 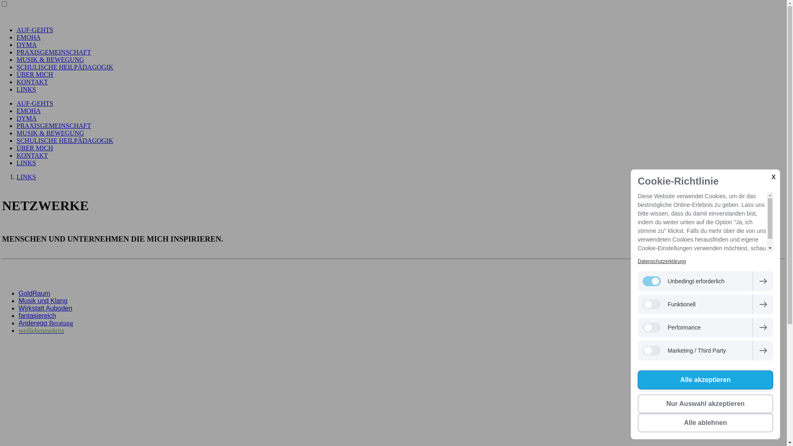 What do you see at coordinates (45, 323) in the screenshot?
I see `'Anderegg Beratung'` at bounding box center [45, 323].